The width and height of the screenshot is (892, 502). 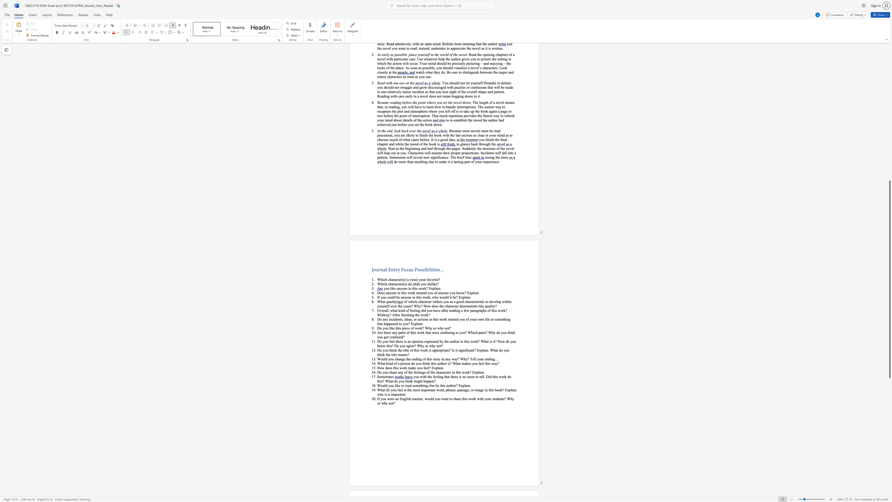 I want to click on the 1th character "x" in the text, so click(x=414, y=323).